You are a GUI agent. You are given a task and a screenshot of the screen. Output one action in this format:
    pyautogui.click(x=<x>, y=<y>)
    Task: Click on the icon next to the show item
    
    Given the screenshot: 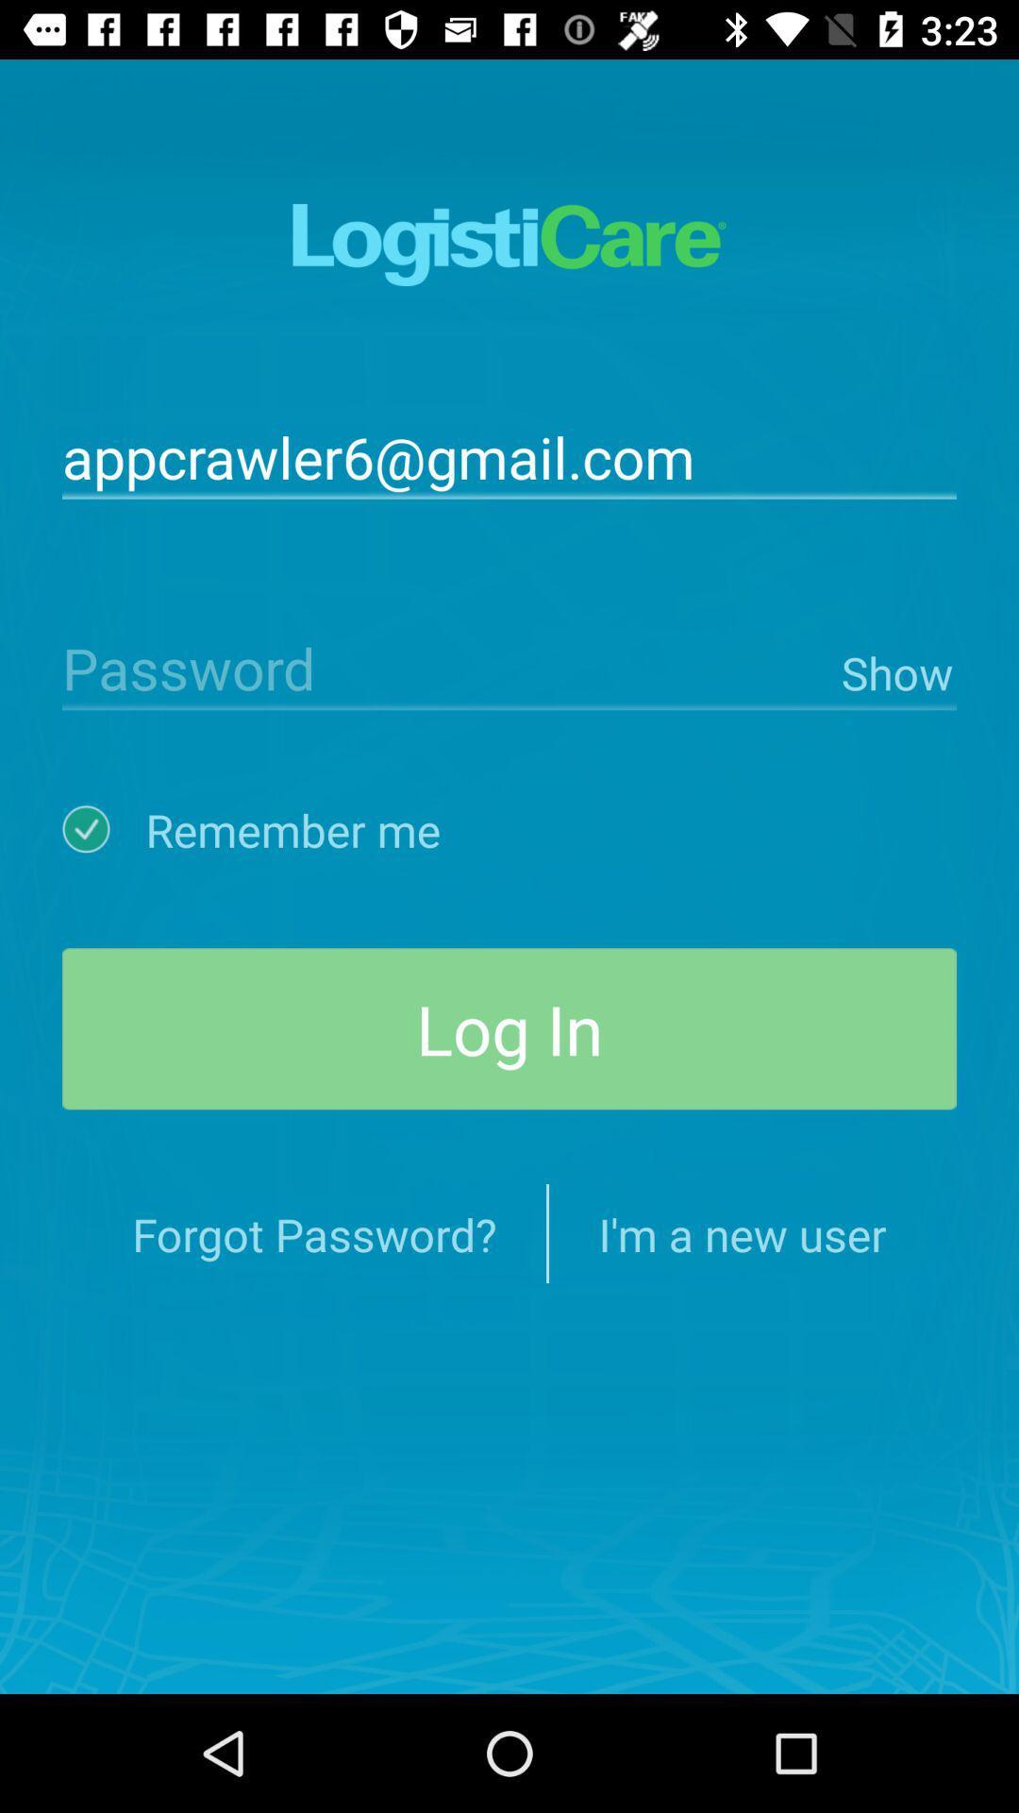 What is the action you would take?
    pyautogui.click(x=447, y=667)
    